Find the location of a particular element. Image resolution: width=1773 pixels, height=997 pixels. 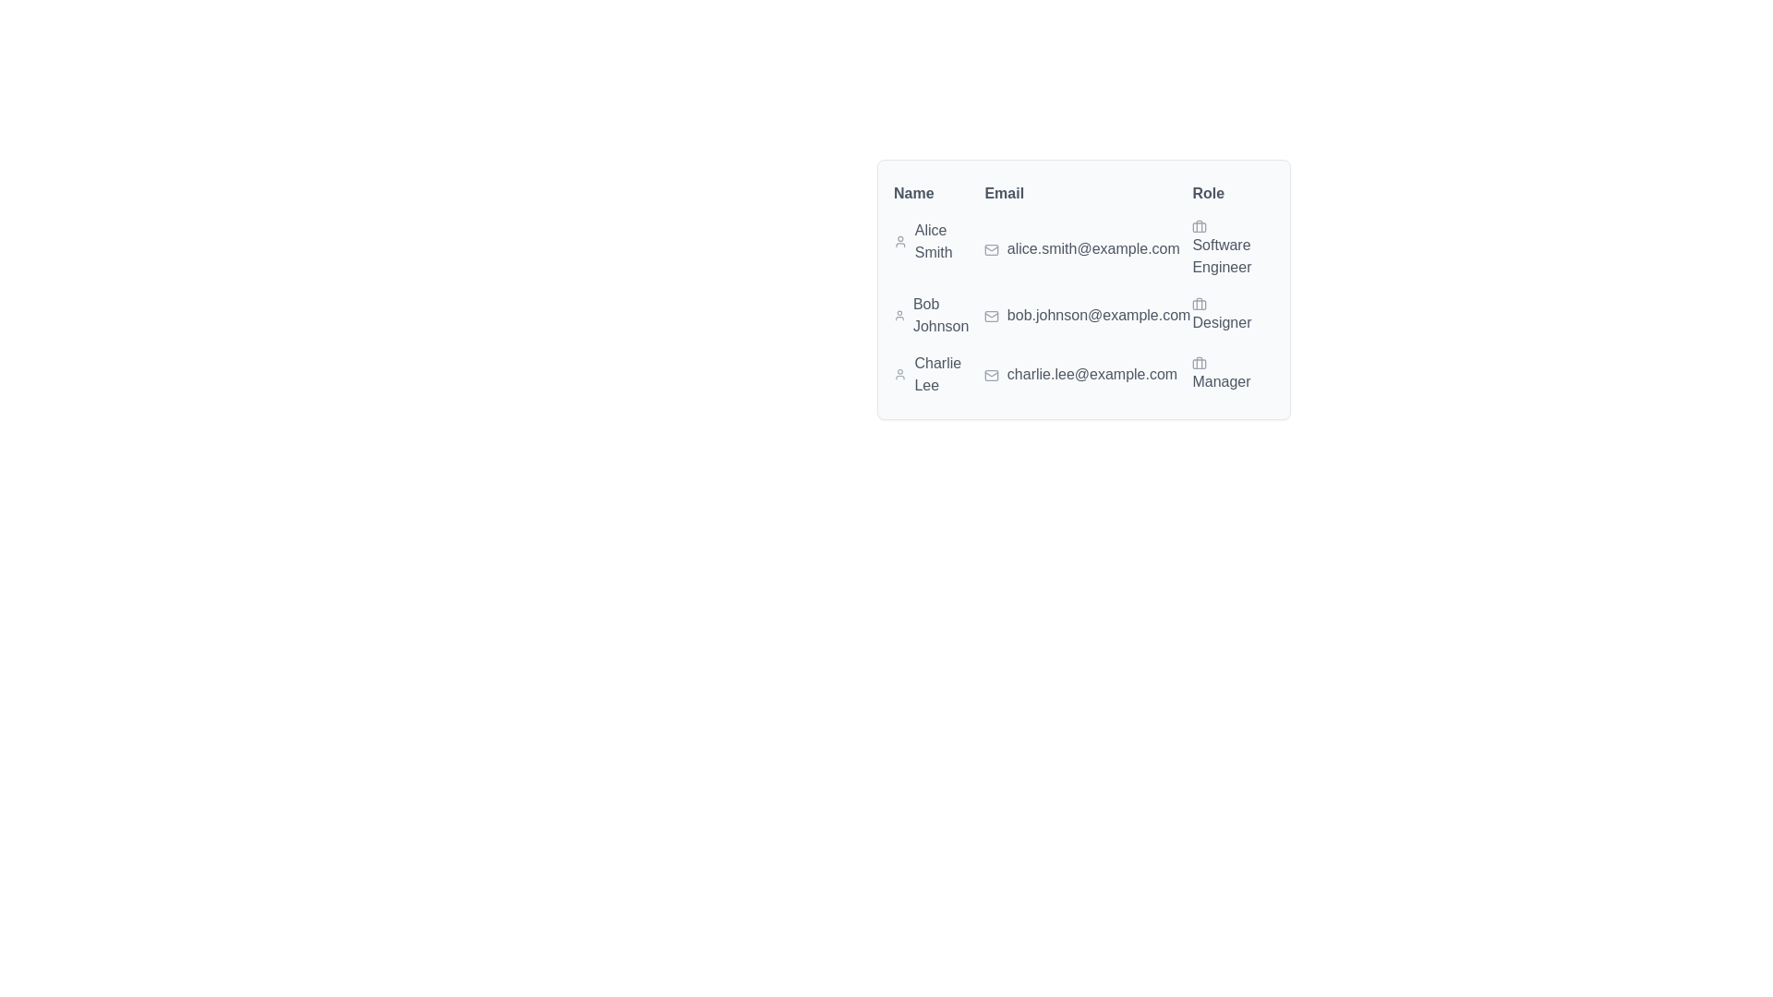

the static text element displaying the user's name 'Alice Smith' in the first row of the table under the 'Name' column is located at coordinates (938, 241).